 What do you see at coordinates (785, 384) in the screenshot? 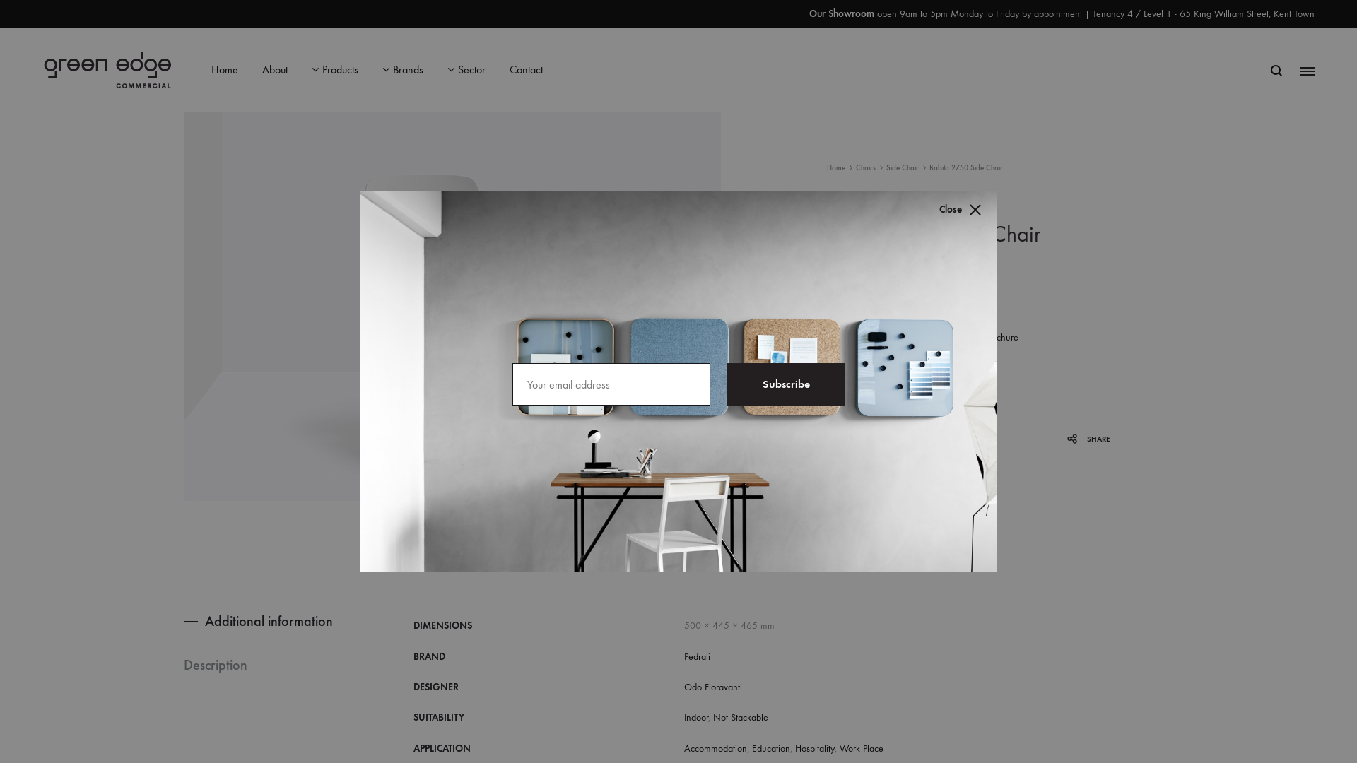
I see `'Subscribe'` at bounding box center [785, 384].